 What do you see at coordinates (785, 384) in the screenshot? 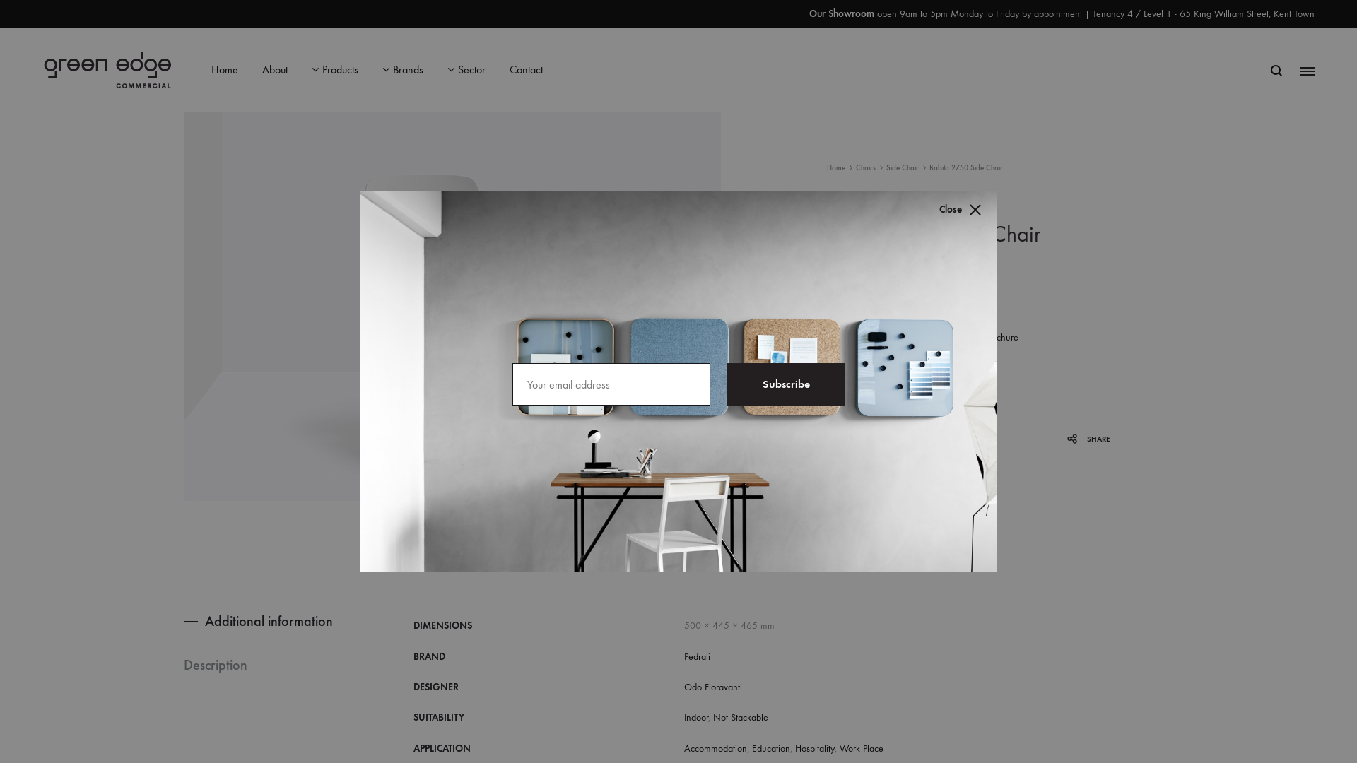
I see `'Subscribe'` at bounding box center [785, 384].